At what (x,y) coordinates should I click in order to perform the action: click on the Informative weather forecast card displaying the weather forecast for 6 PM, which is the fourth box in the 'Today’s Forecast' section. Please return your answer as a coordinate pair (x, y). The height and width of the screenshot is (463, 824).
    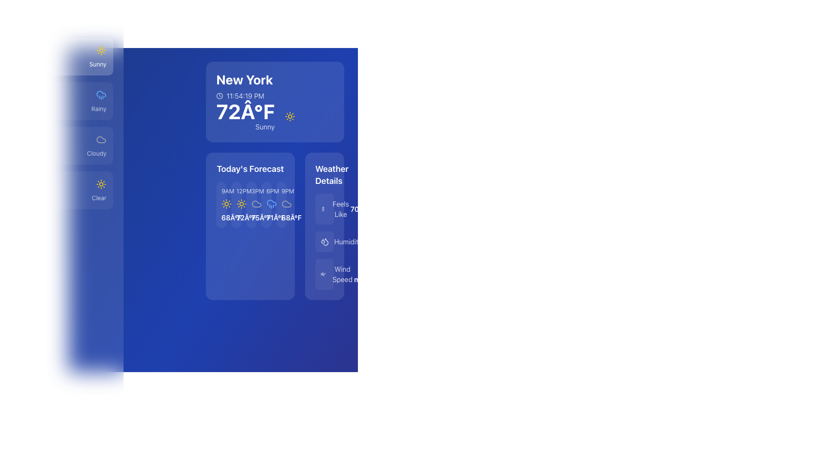
    Looking at the image, I should click on (266, 205).